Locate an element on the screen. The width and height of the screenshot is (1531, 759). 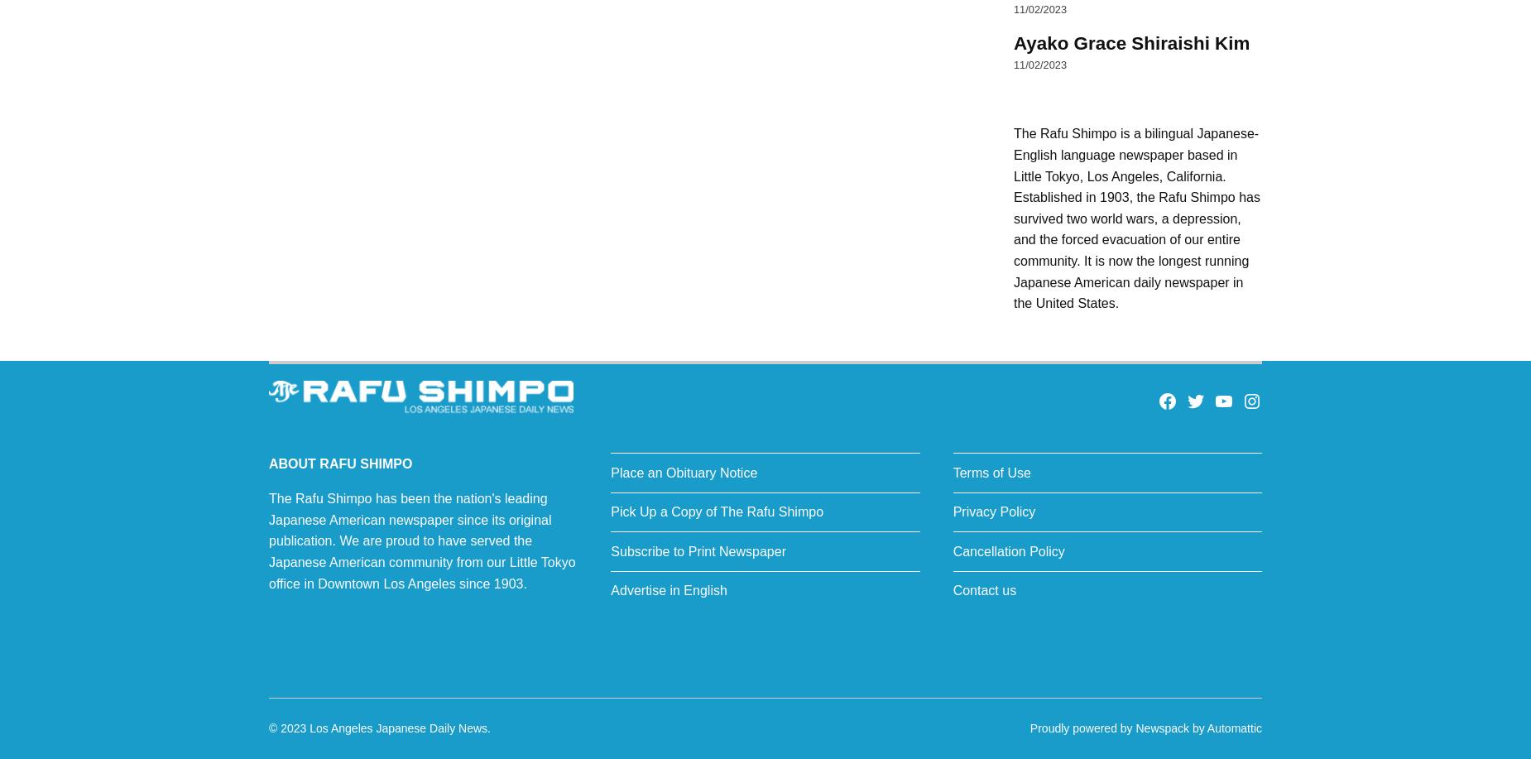
'Ayako Grace Shiraishi Kim' is located at coordinates (1130, 42).